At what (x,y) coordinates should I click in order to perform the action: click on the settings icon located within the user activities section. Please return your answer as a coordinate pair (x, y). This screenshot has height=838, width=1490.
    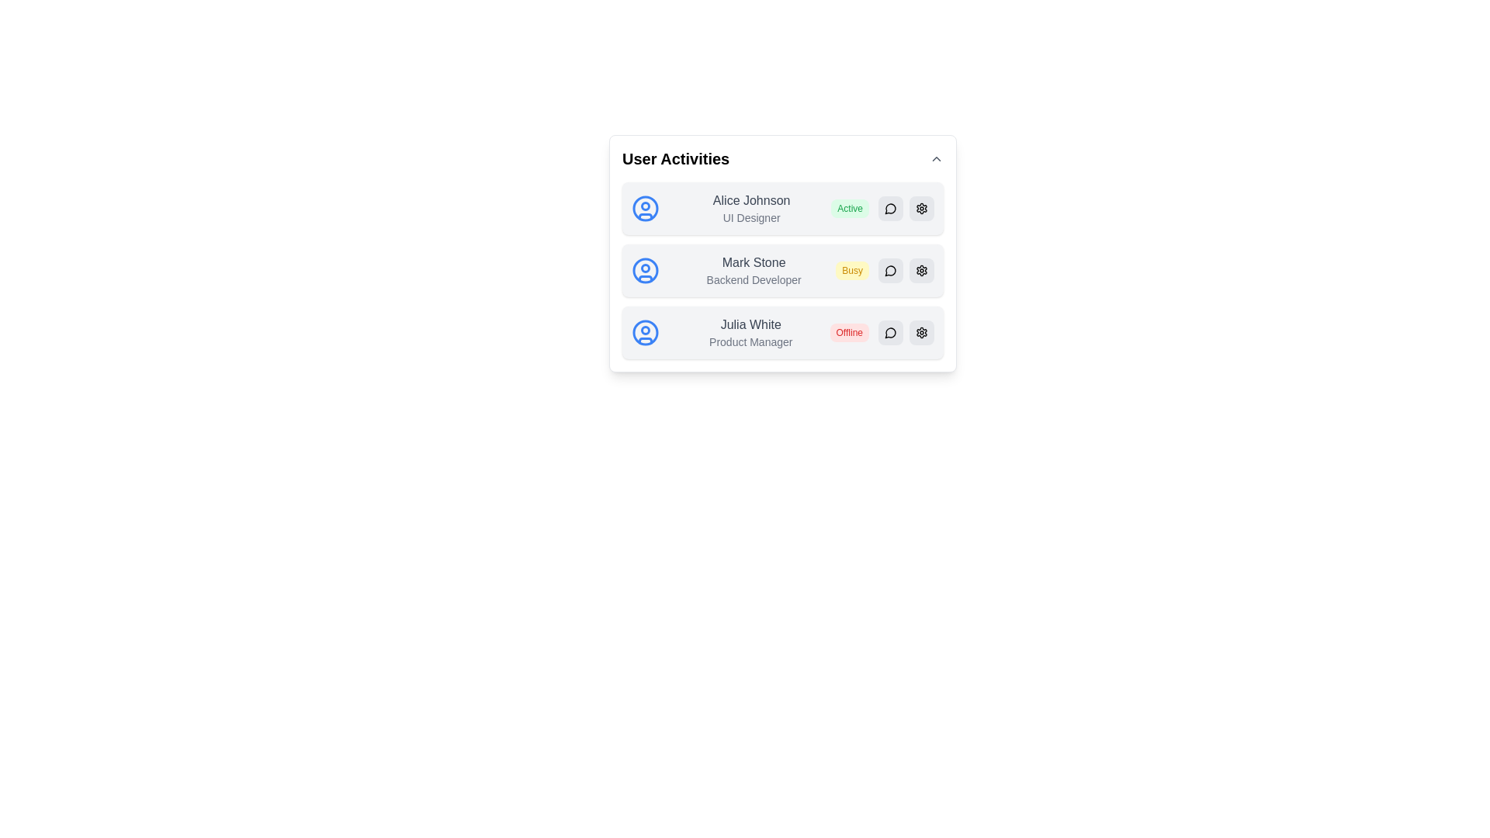
    Looking at the image, I should click on (922, 208).